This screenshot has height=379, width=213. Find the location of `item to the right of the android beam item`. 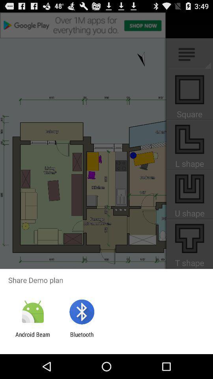

item to the right of the android beam item is located at coordinates (81, 338).